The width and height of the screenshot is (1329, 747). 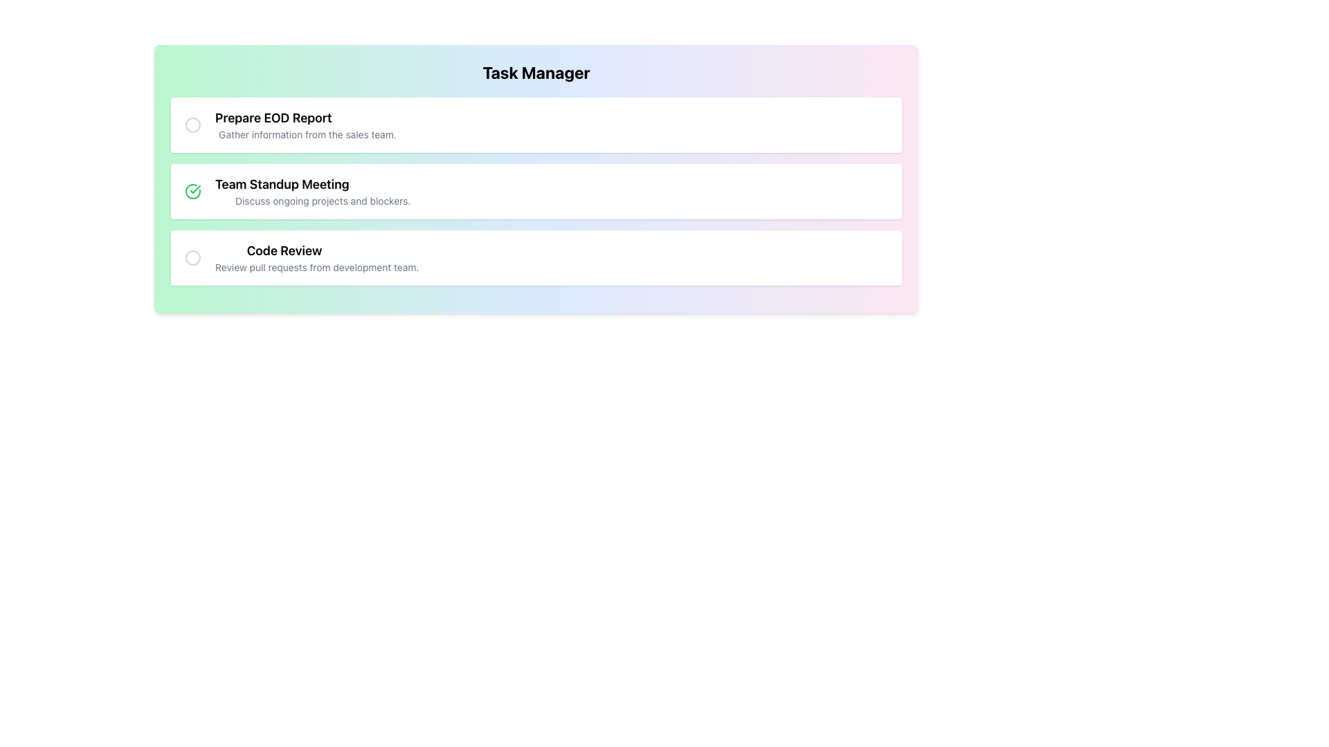 What do you see at coordinates (192, 258) in the screenshot?
I see `the Circular Icon located to the left of the text 'Code Review' in the third task item` at bounding box center [192, 258].